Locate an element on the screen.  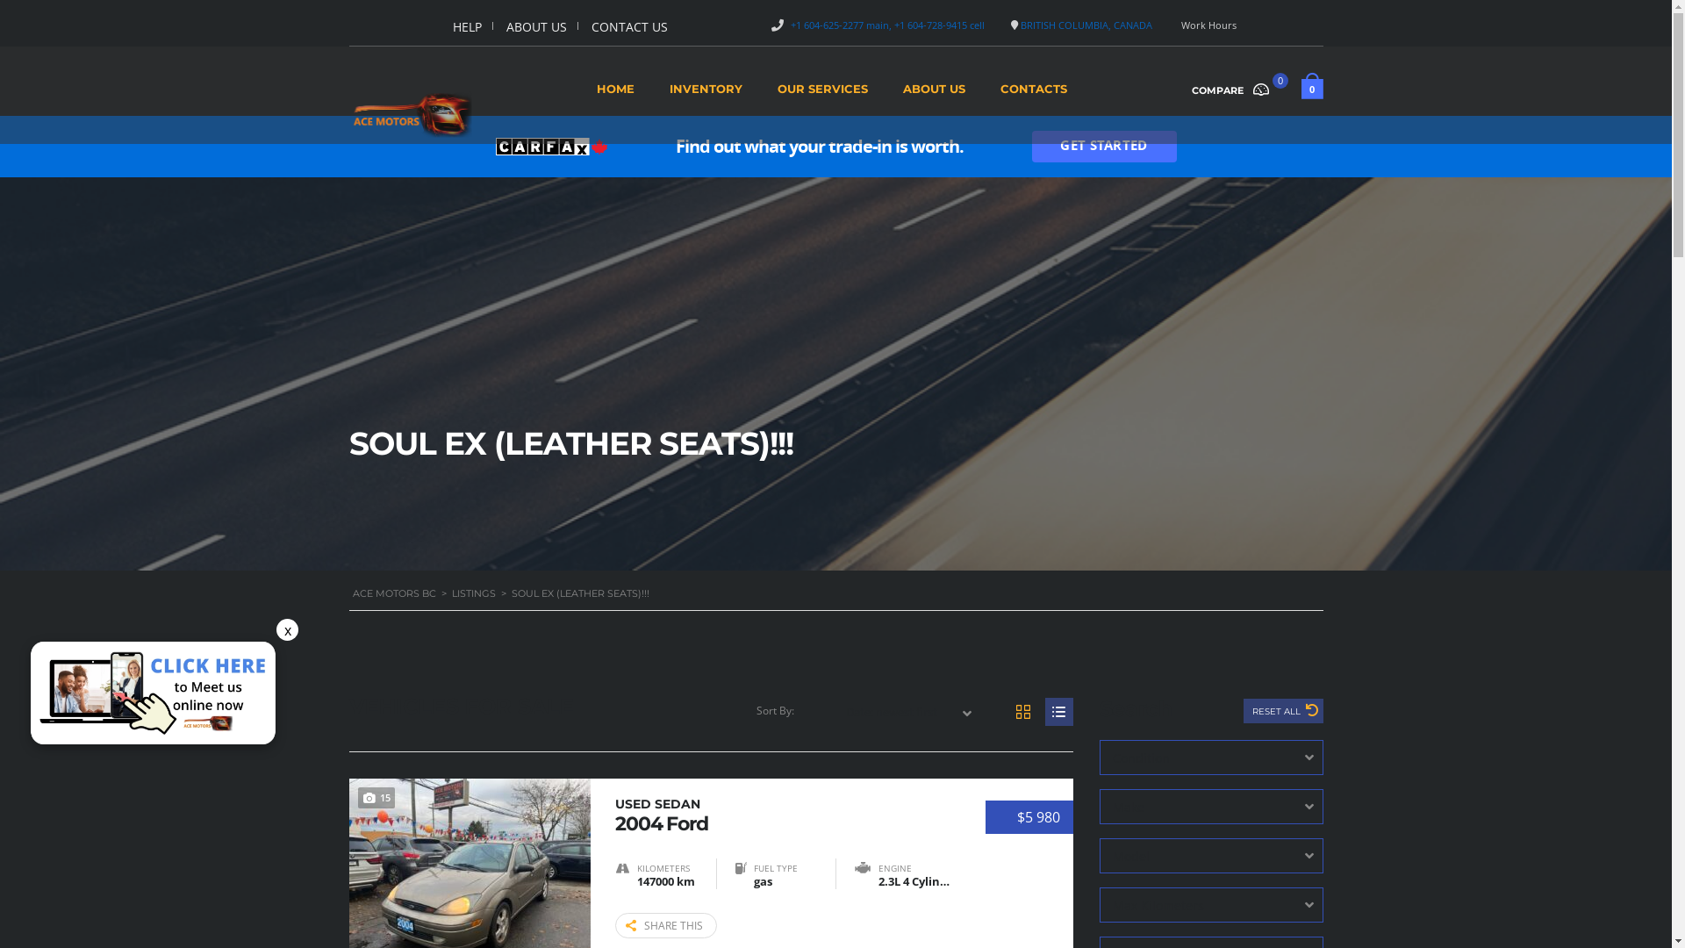
'CONTACTS' is located at coordinates (1033, 94).